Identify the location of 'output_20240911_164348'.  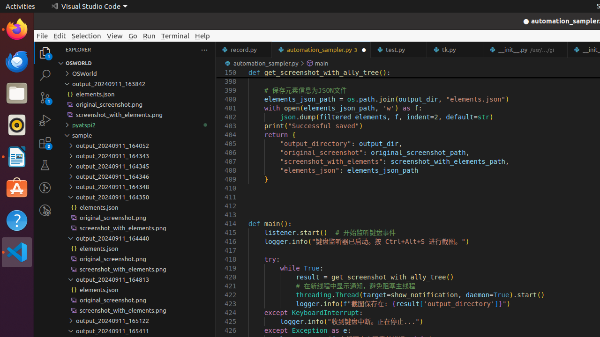
(135, 187).